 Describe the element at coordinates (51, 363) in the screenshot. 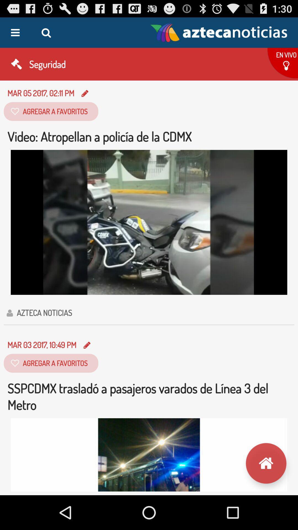

I see `the button below the text mar 03 20171049 pm on the web page` at that location.